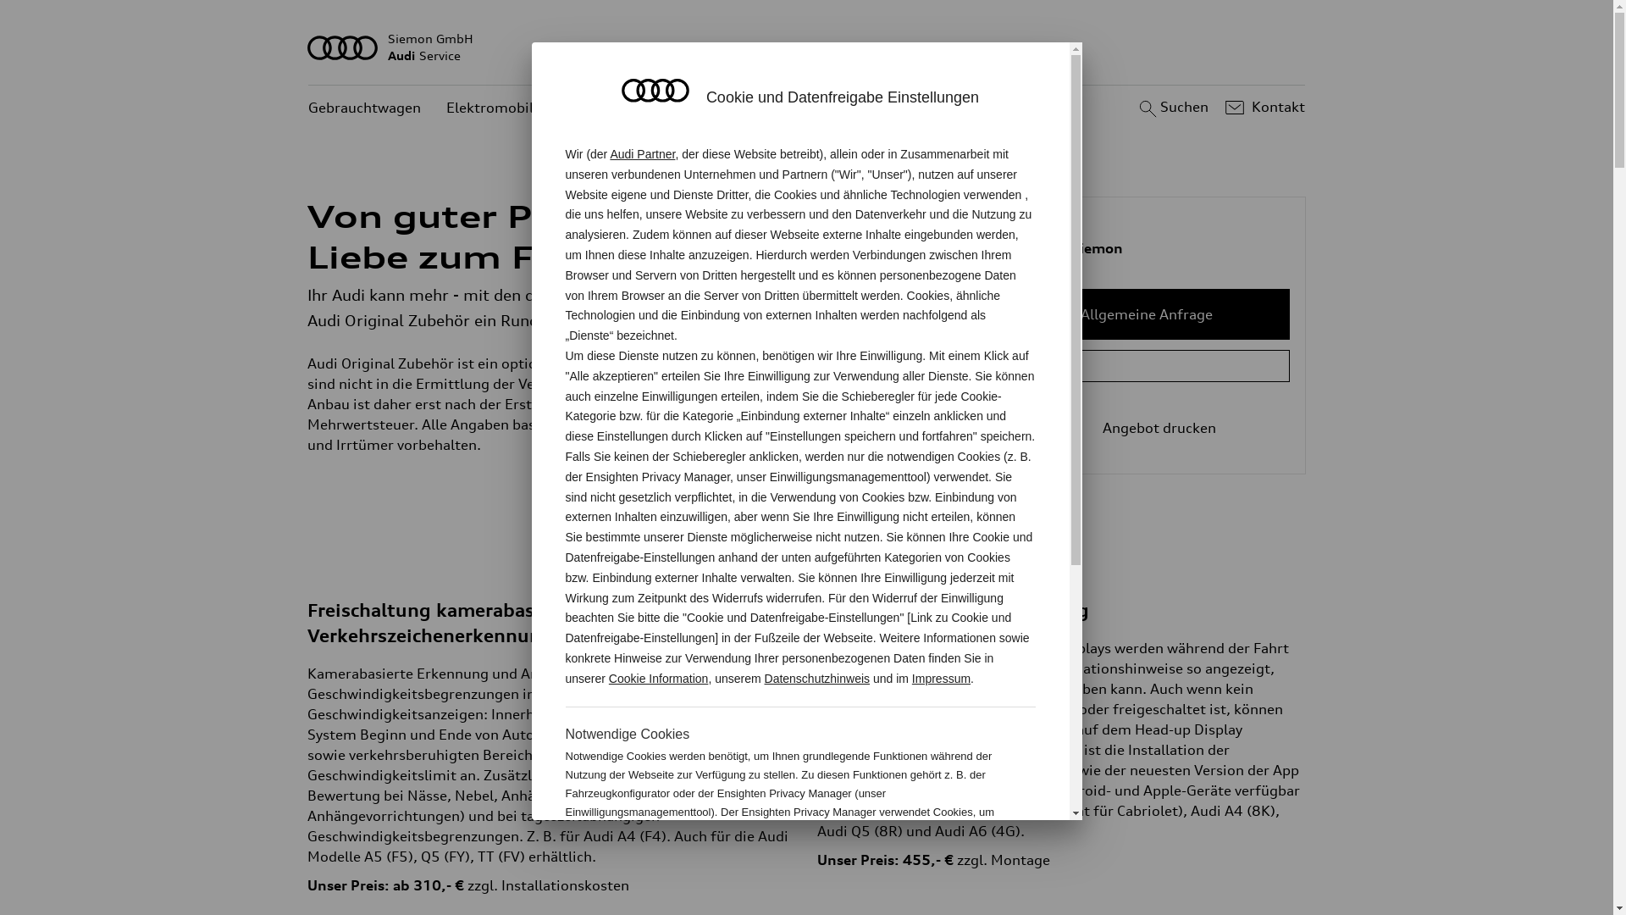  I want to click on 'Gebrauchtwagen', so click(363, 108).